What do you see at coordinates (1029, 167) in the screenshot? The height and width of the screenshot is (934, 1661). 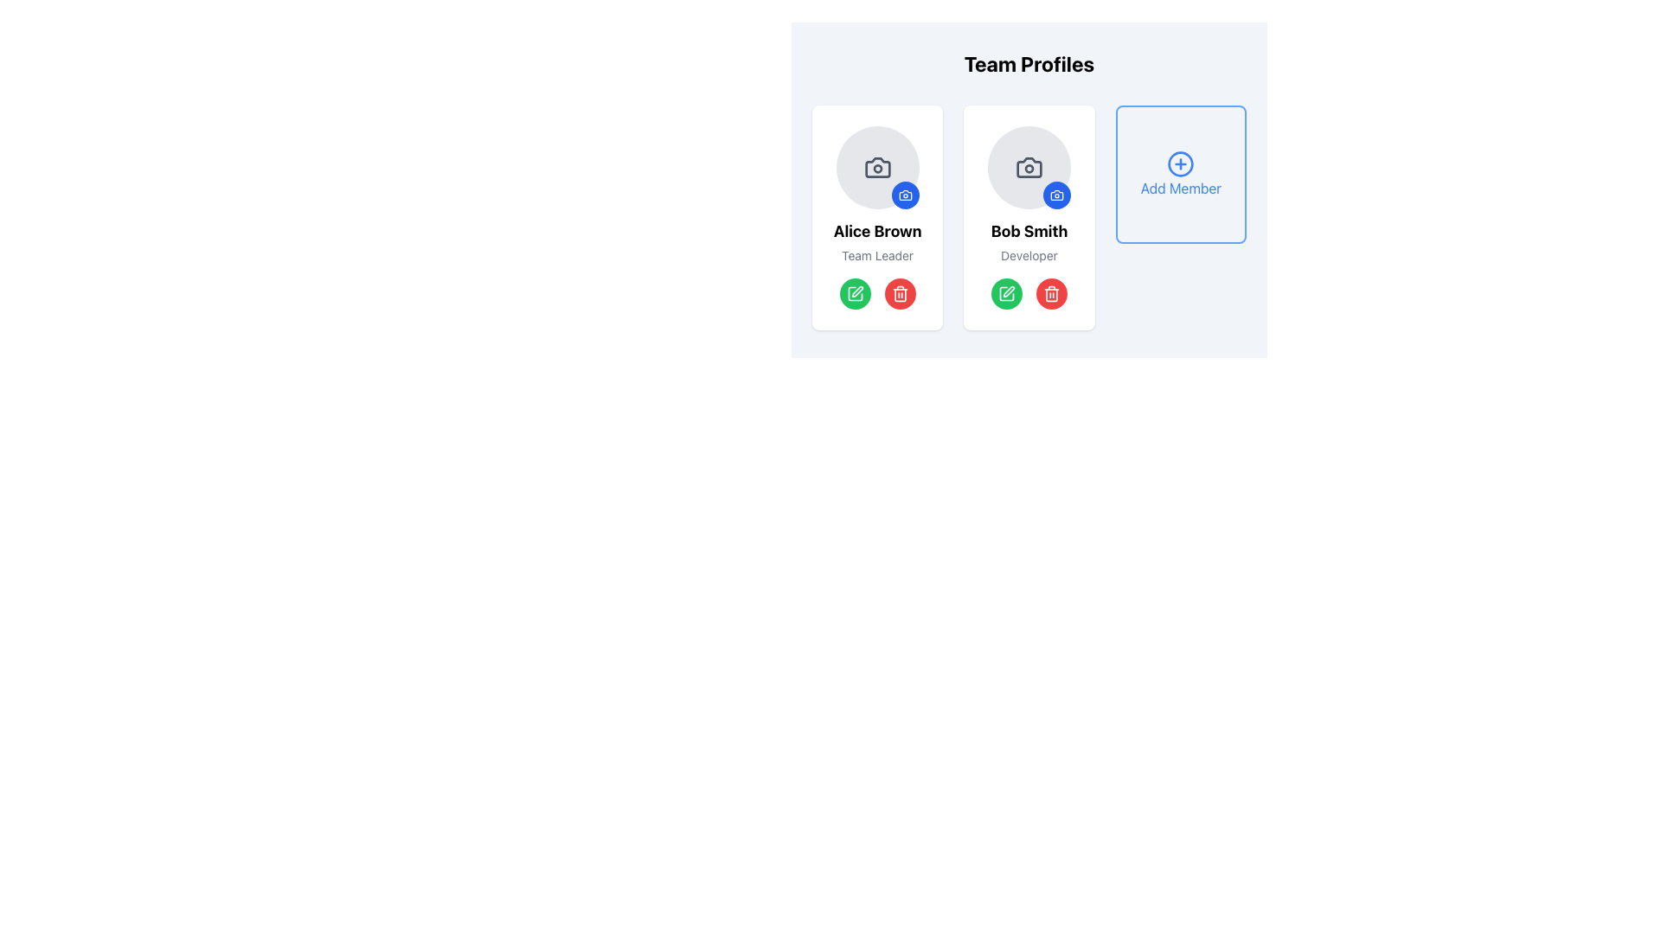 I see `the camera icon representing Bob Smith in the Team Profiles section, which is a stylized SVG graphic with a rounded rectangular shape and a circular lens in the middle` at bounding box center [1029, 167].